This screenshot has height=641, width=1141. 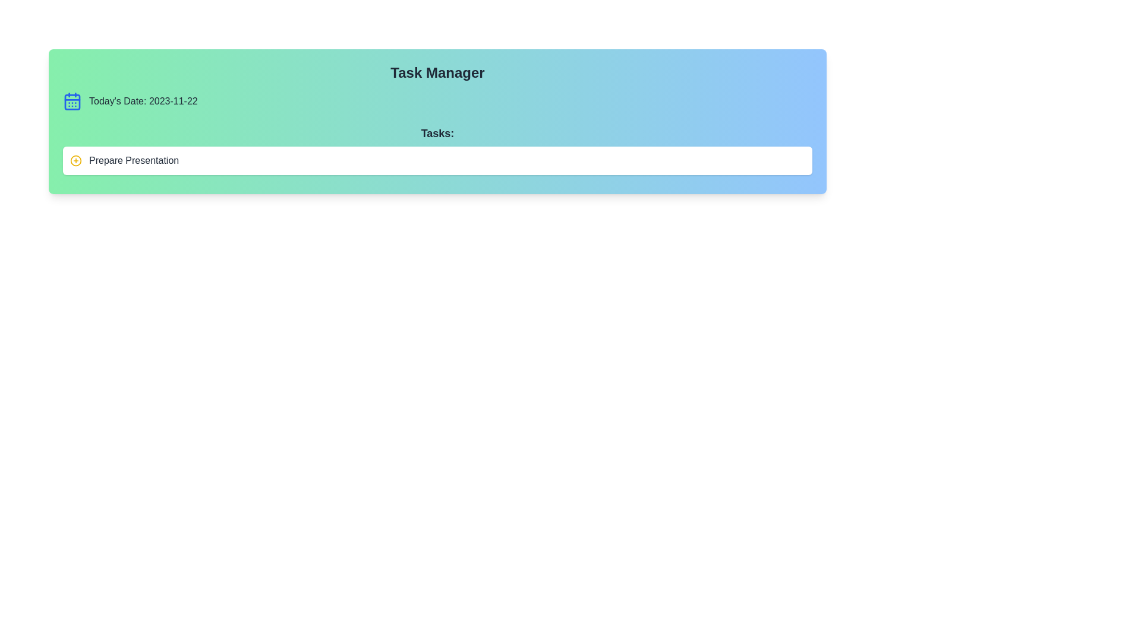 What do you see at coordinates (134, 160) in the screenshot?
I see `the non-interactive text label that describes the task in the task management application, located next to a circular yellow icon with a '+' sign` at bounding box center [134, 160].